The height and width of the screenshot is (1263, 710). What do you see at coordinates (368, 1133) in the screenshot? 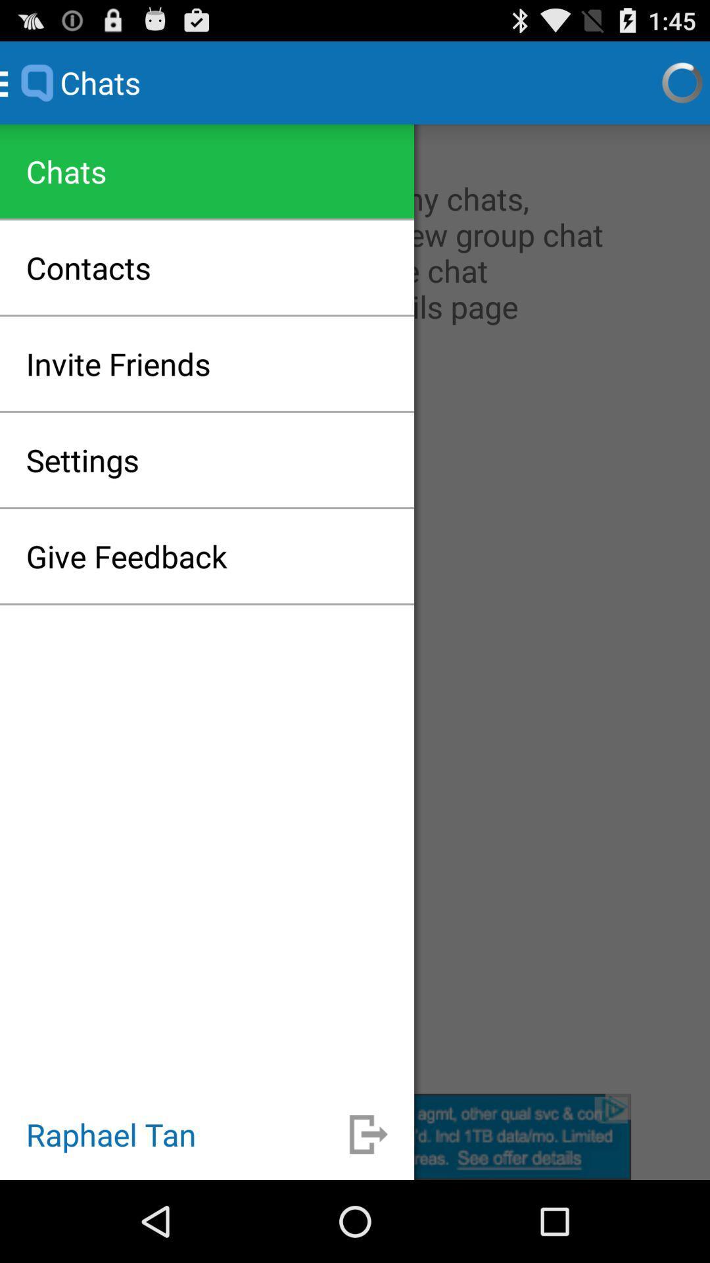
I see `app next to raphael tan icon` at bounding box center [368, 1133].